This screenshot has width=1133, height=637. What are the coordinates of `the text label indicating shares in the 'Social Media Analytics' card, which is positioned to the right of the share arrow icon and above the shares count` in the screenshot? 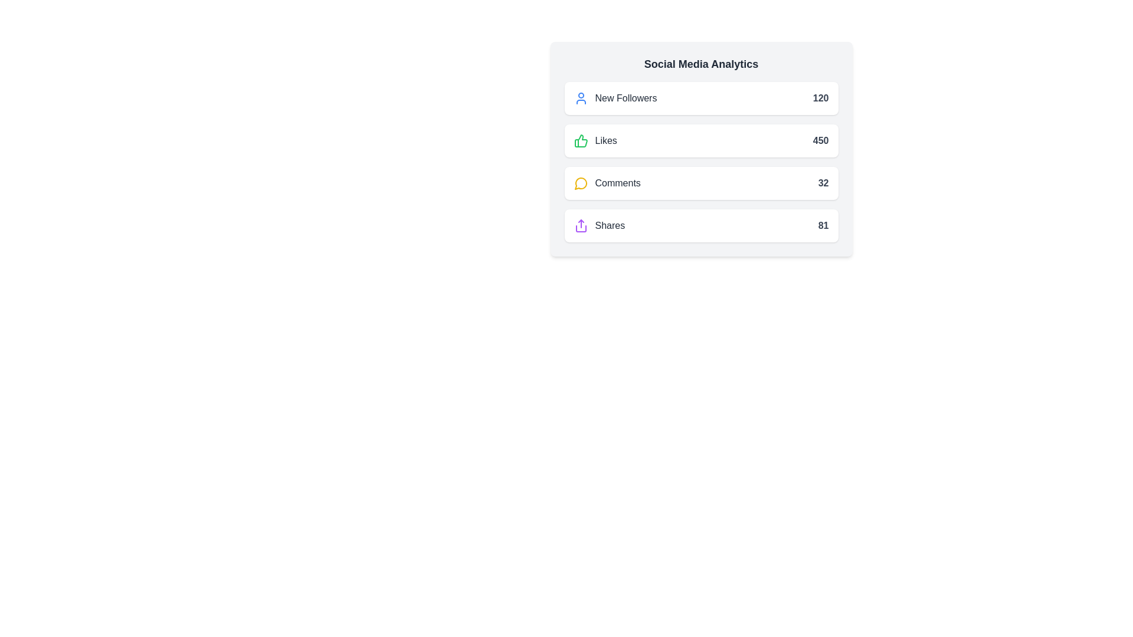 It's located at (610, 225).